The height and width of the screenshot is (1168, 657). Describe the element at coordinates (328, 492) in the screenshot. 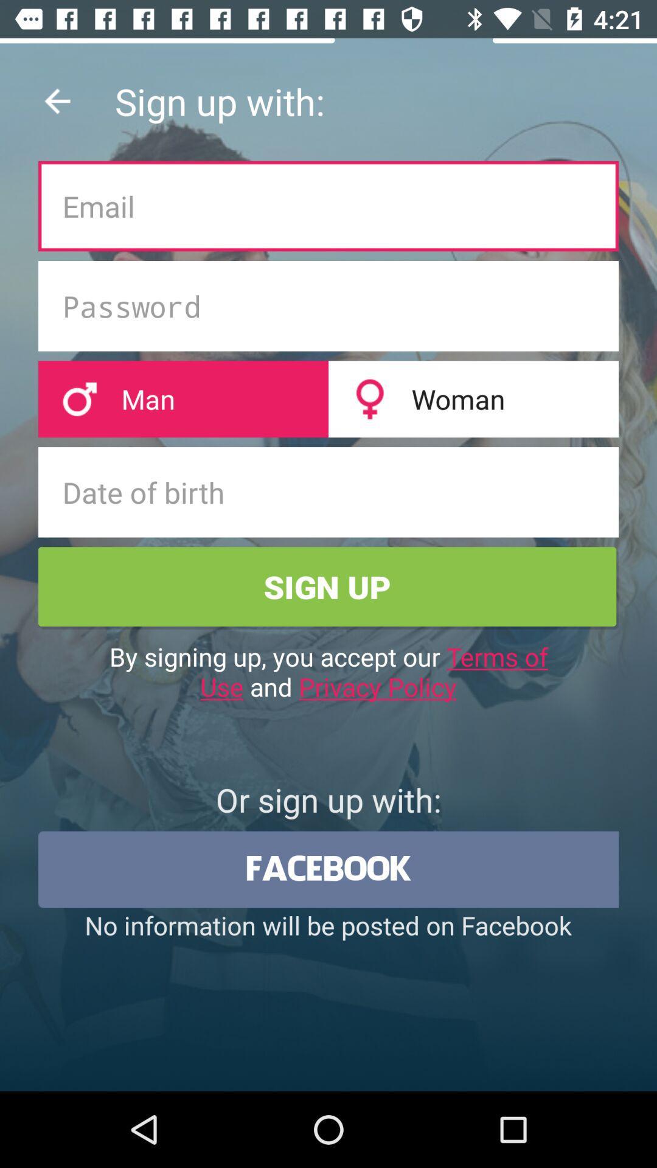

I see `text field above sign up button` at that location.